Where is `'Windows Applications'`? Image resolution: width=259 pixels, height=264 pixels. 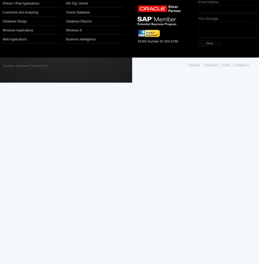
'Windows Applications' is located at coordinates (18, 30).